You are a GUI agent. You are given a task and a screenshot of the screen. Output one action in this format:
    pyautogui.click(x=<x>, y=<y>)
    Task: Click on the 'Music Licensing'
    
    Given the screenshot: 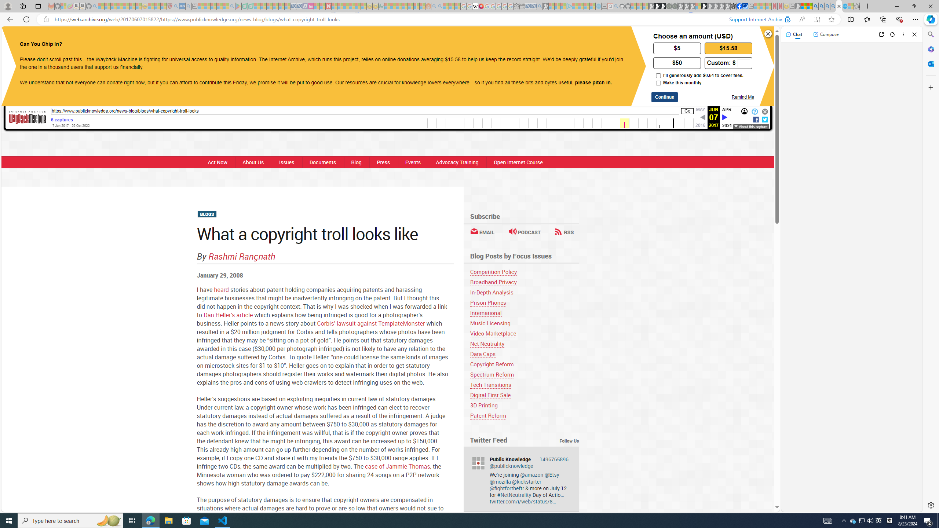 What is the action you would take?
    pyautogui.click(x=490, y=323)
    